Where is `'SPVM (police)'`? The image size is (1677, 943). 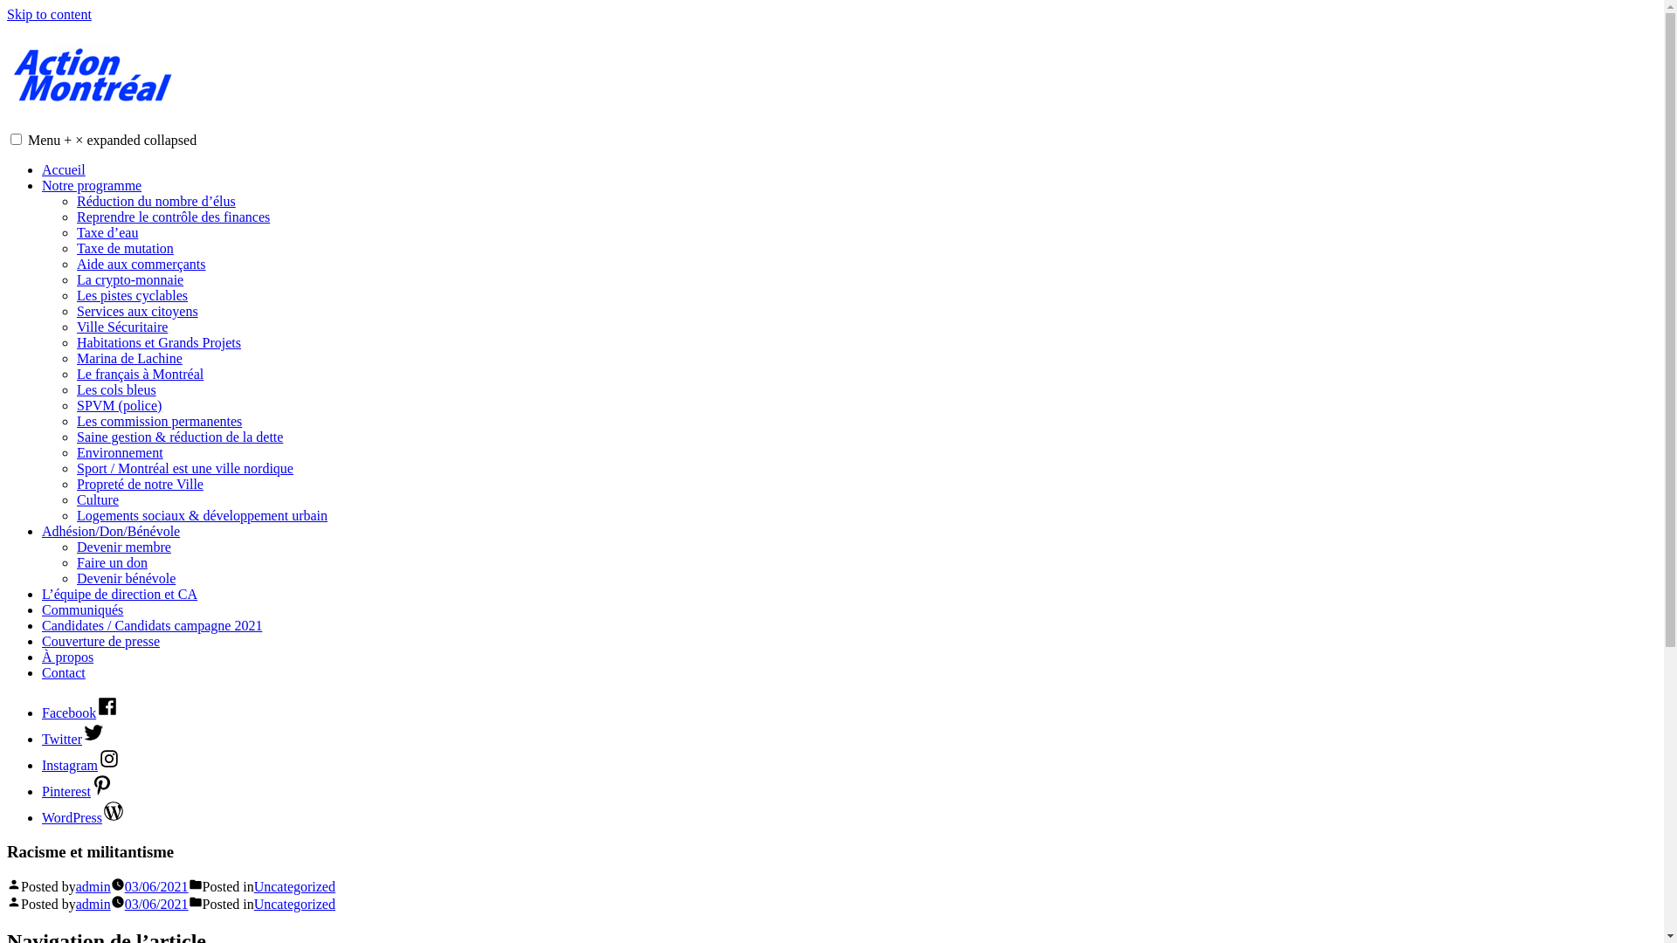
'SPVM (police)' is located at coordinates (118, 405).